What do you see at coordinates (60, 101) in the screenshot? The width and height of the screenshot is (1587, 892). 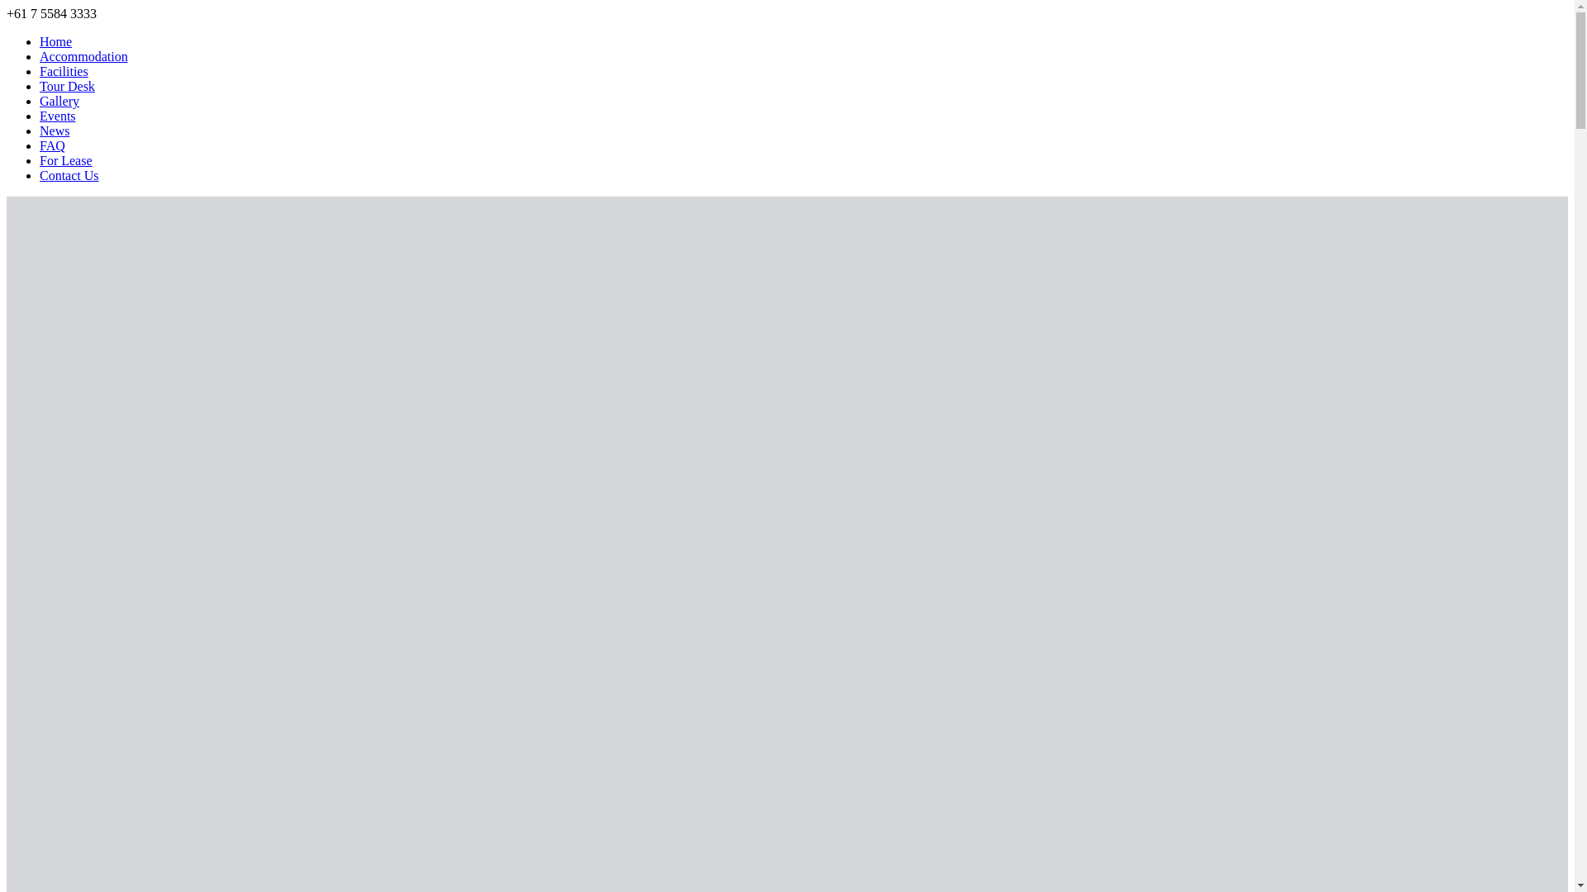 I see `'Gallery'` at bounding box center [60, 101].